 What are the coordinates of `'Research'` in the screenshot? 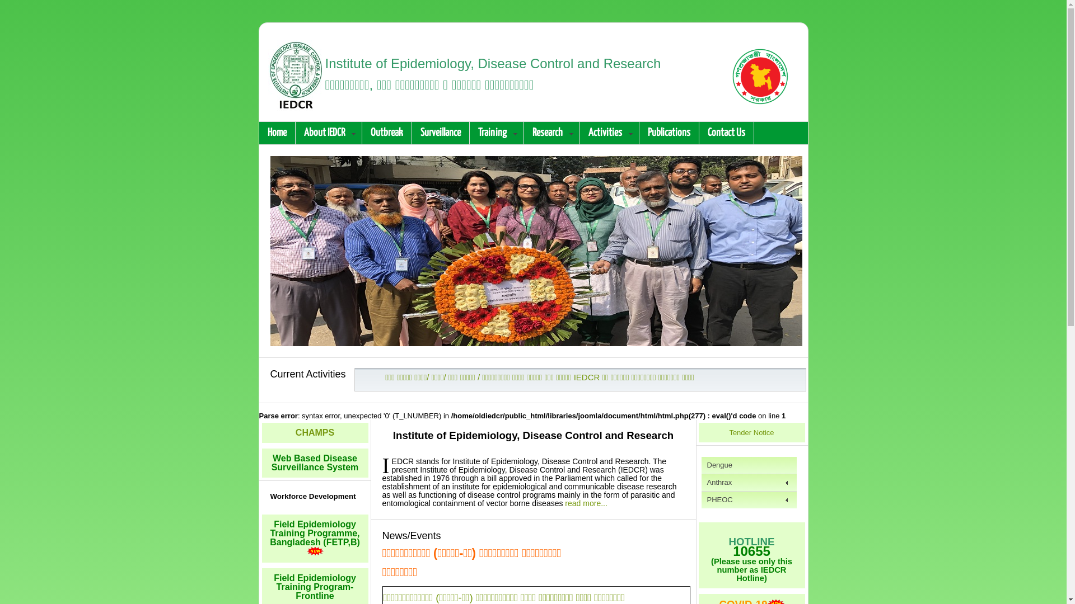 It's located at (524, 133).